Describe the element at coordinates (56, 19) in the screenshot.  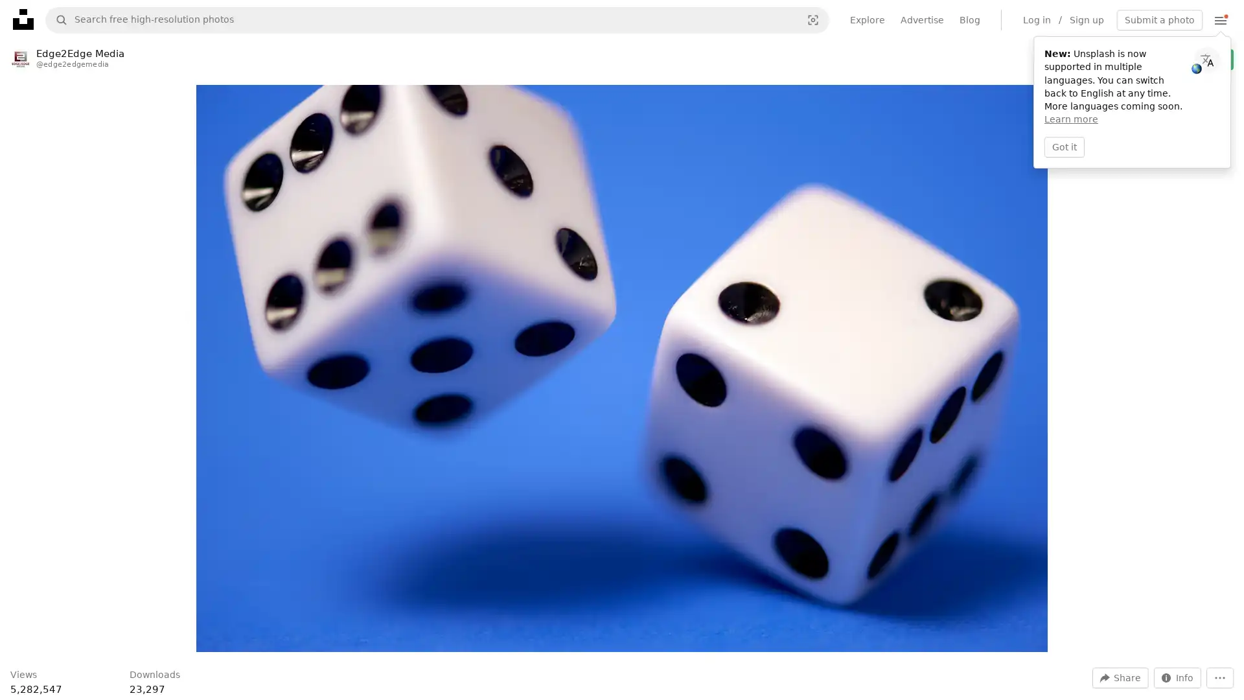
I see `Search Unsplash` at that location.